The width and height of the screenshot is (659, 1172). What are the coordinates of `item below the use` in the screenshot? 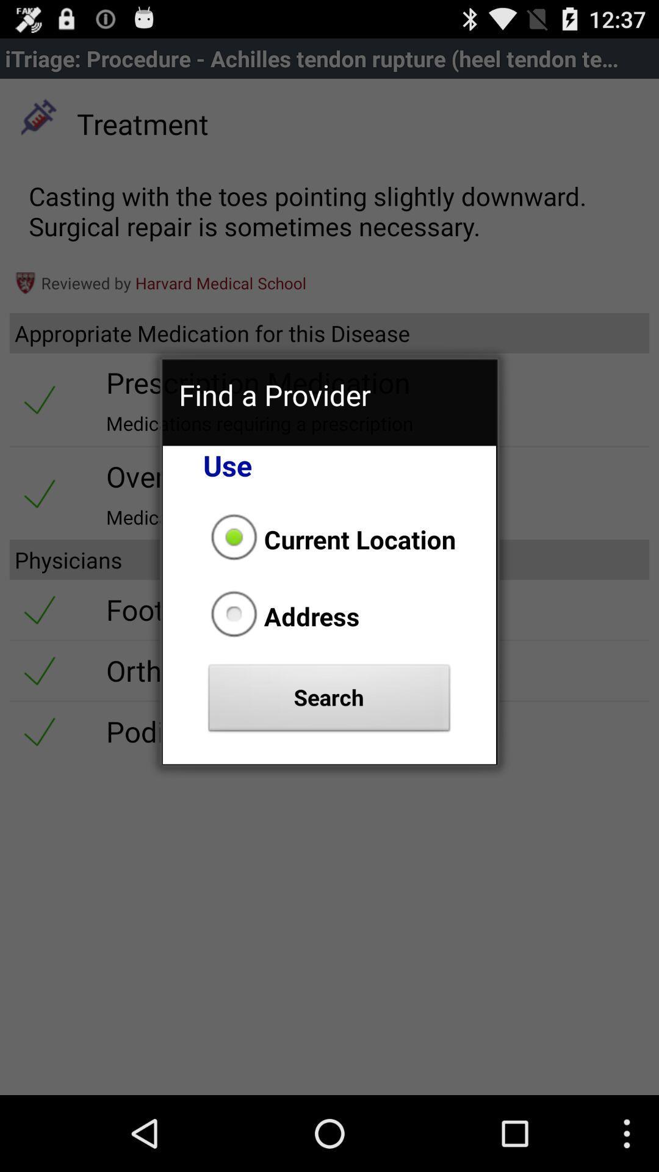 It's located at (329, 538).